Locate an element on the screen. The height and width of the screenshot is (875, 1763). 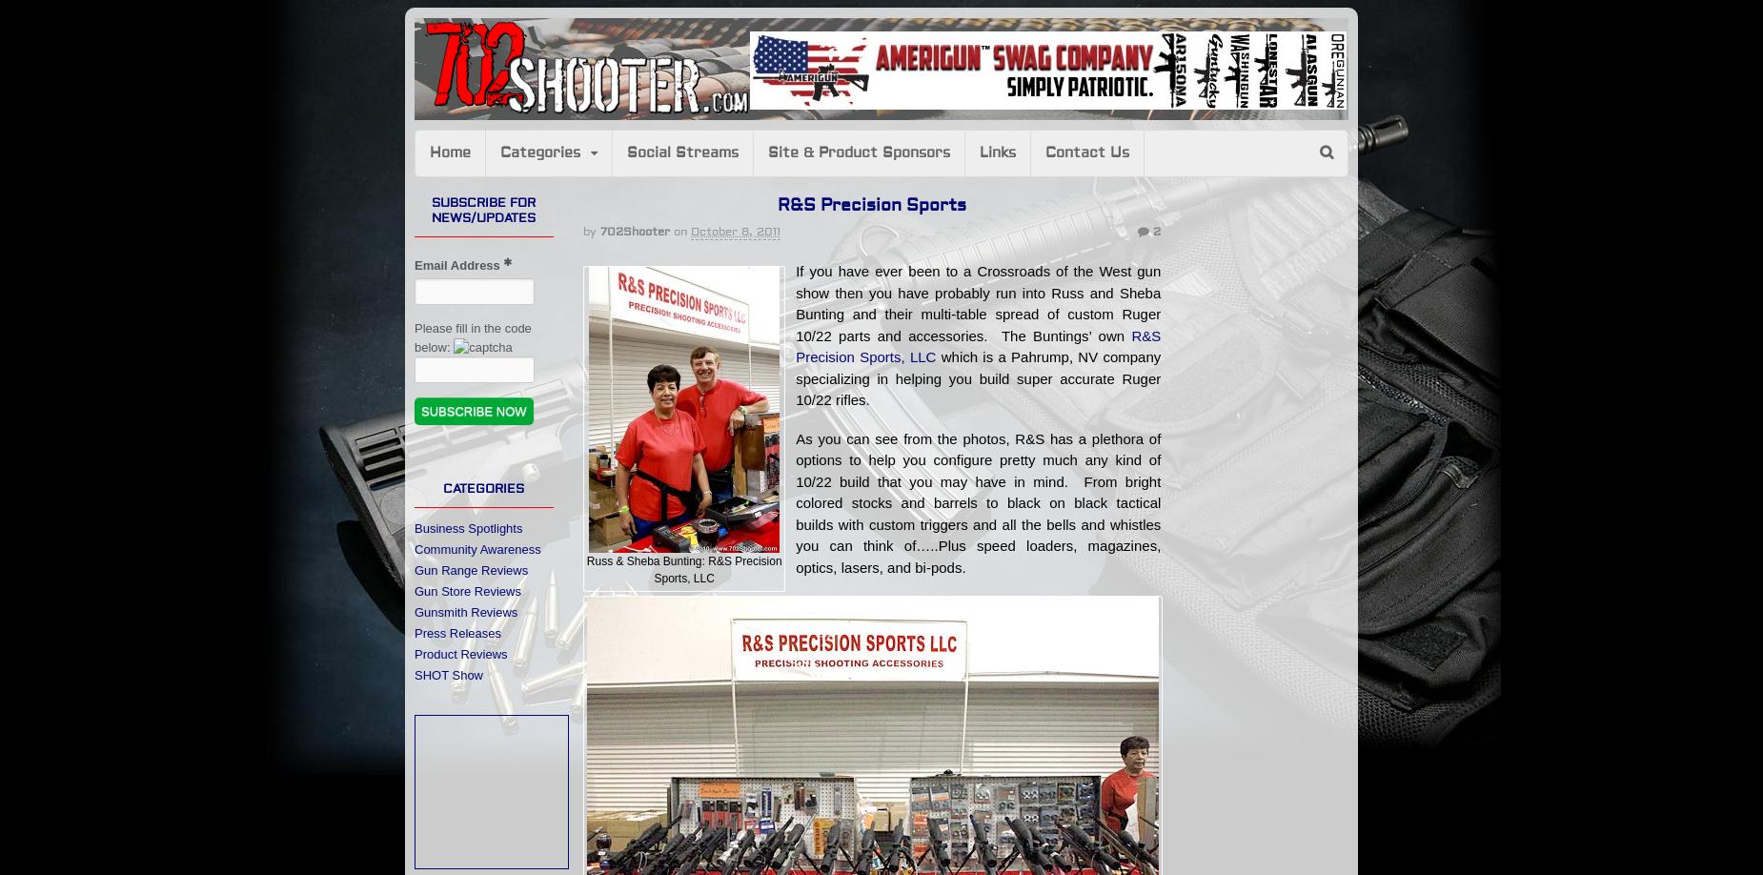
'Russ & Sheba Bunting: R&S Precision Sports, LLC' is located at coordinates (683, 568).